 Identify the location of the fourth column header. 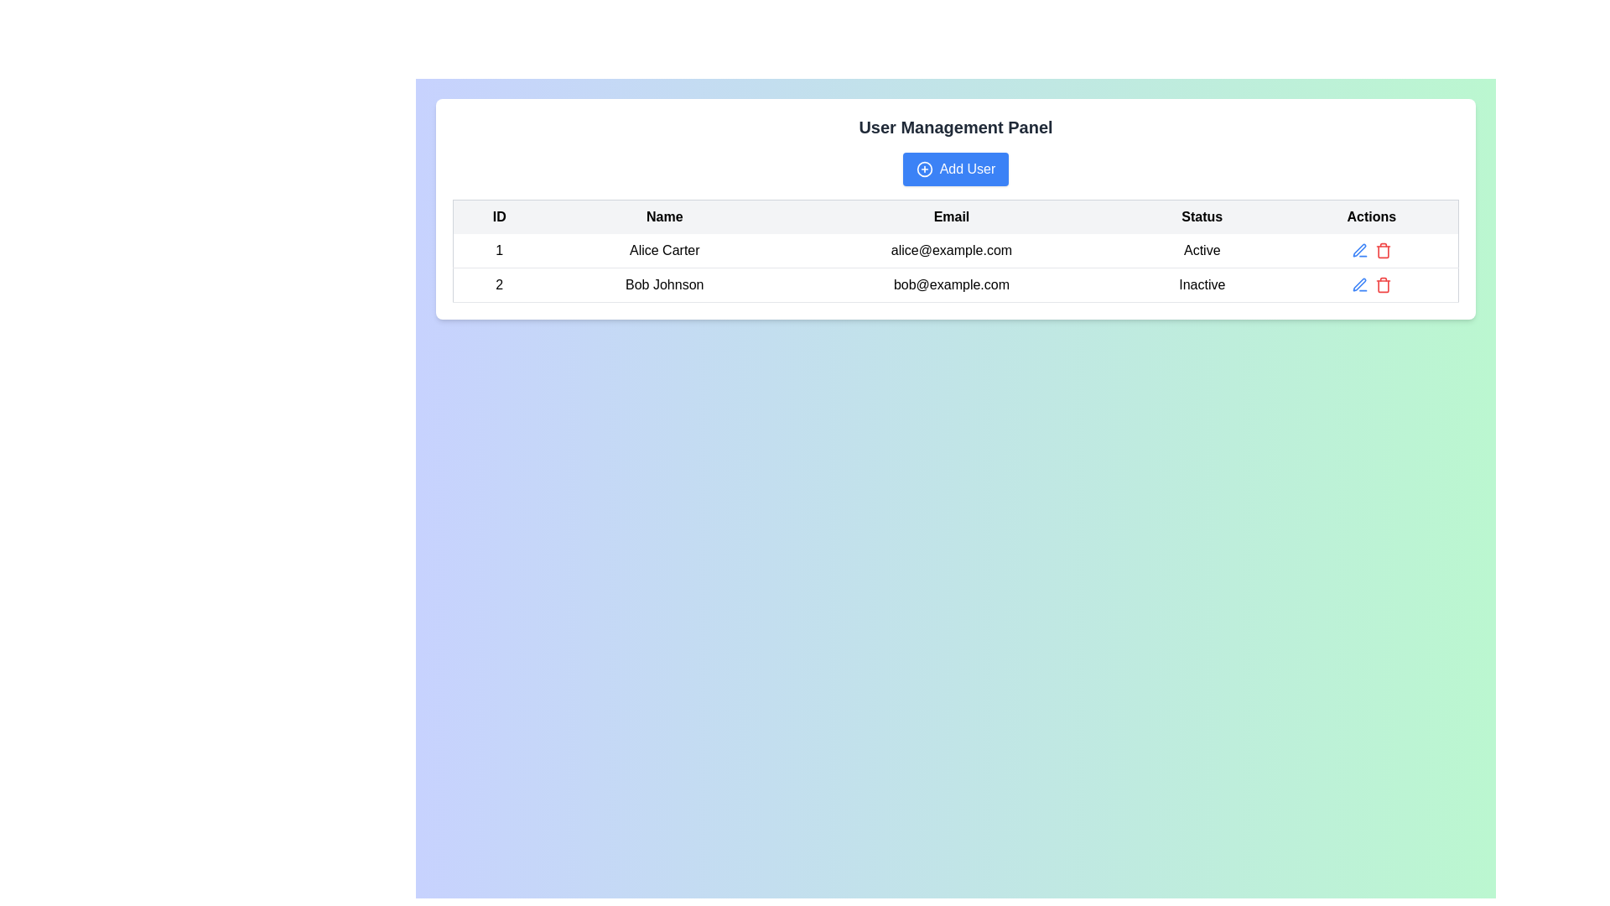
(1201, 216).